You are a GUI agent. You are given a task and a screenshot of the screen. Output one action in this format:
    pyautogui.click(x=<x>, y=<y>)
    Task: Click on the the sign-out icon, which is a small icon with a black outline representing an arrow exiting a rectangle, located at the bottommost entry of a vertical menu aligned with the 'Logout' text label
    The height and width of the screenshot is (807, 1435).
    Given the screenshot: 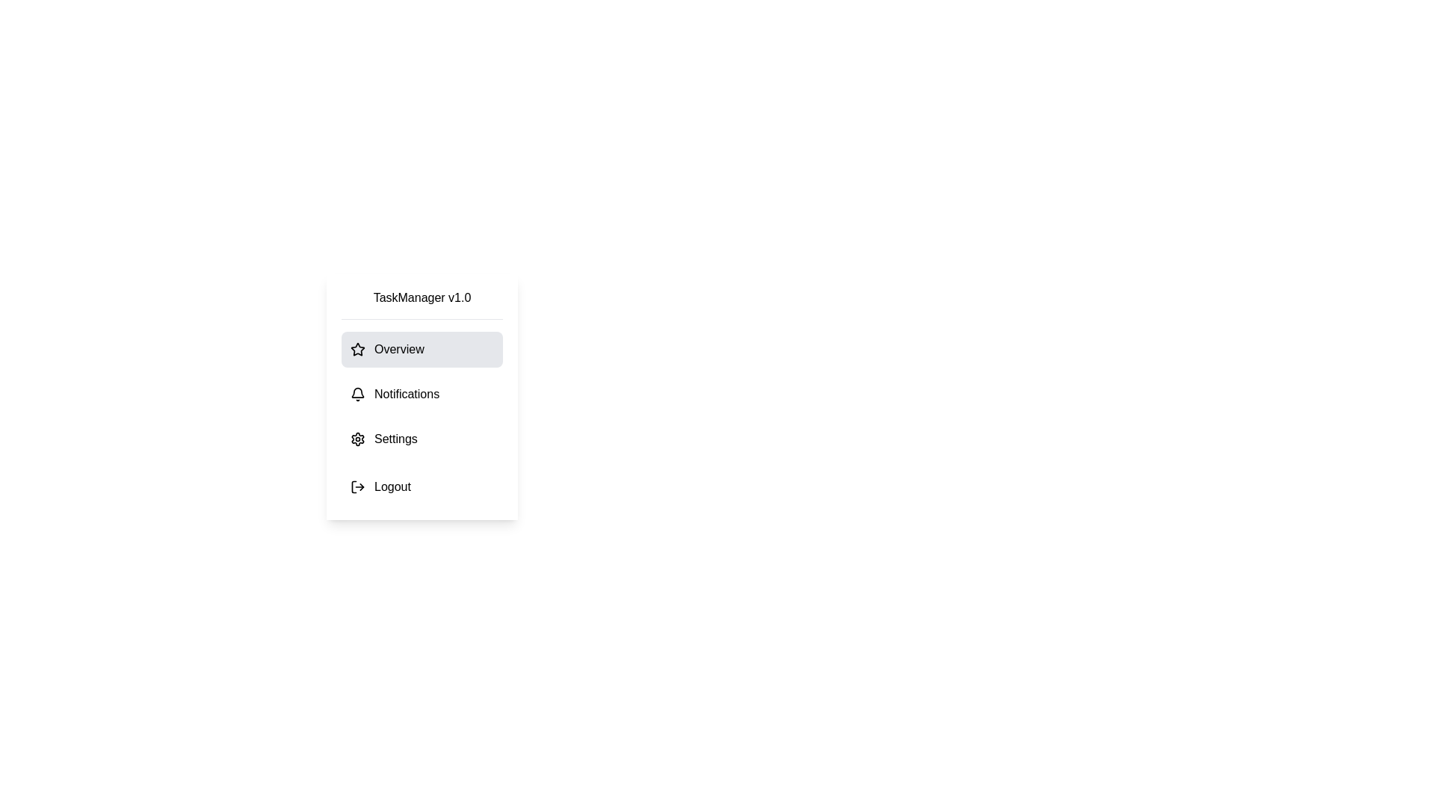 What is the action you would take?
    pyautogui.click(x=357, y=486)
    